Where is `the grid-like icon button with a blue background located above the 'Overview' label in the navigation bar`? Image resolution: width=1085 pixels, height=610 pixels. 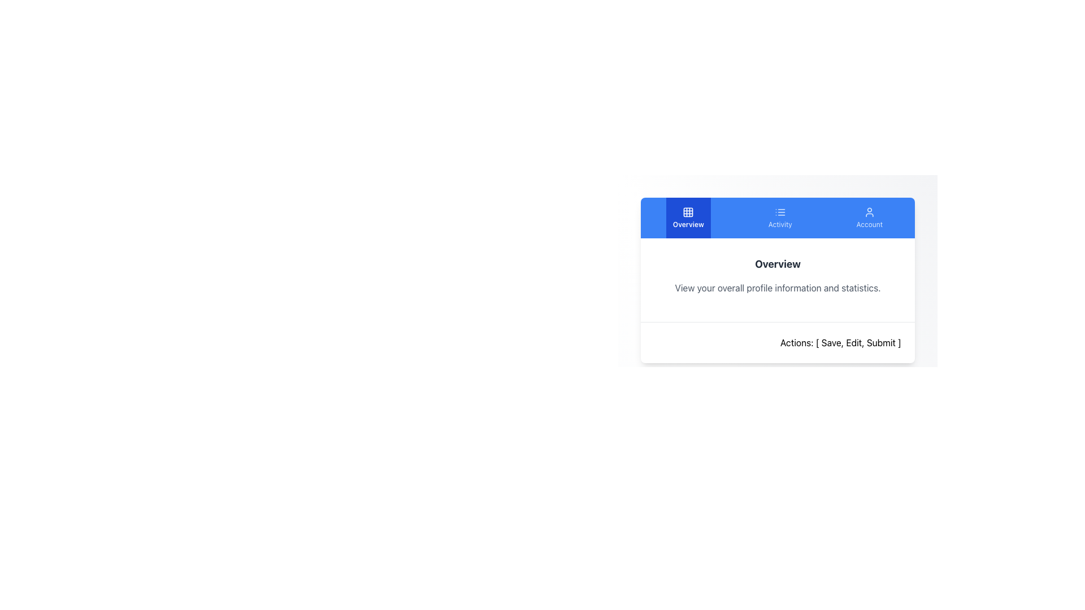
the grid-like icon button with a blue background located above the 'Overview' label in the navigation bar is located at coordinates (688, 212).